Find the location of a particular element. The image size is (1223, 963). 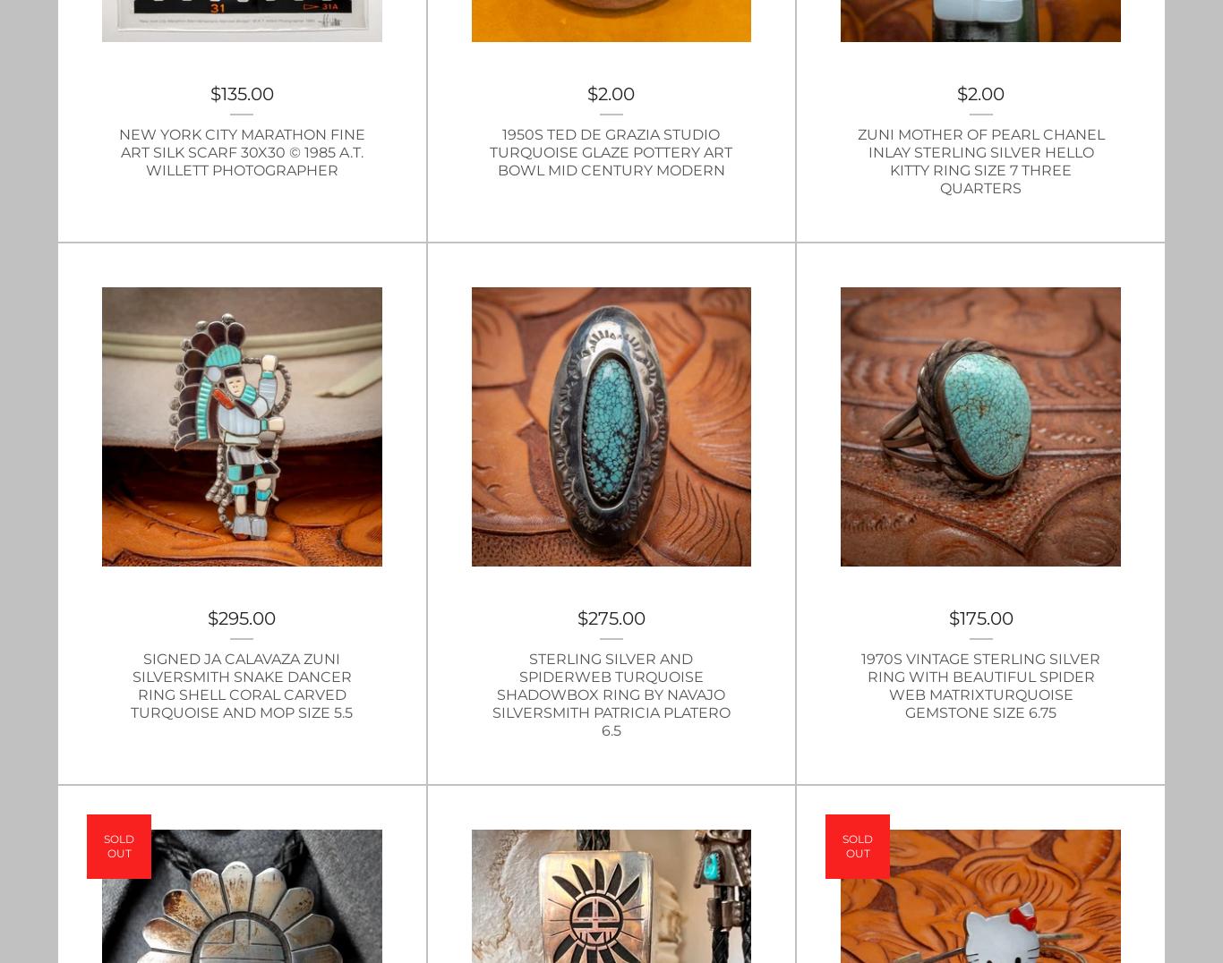

'Sterling Silver and Spiderweb Turquoise Shadowbox Ring by Navajo Silversmith Patricia Platero 6.5' is located at coordinates (610, 695).